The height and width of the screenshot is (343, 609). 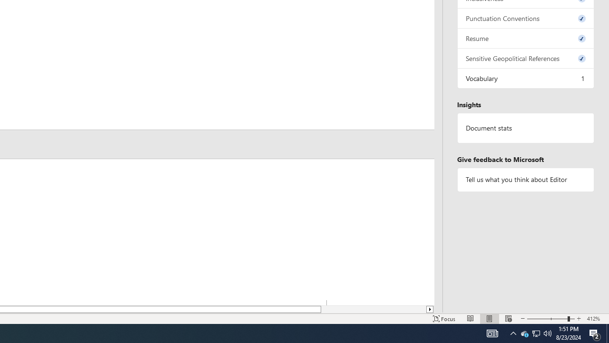 What do you see at coordinates (525, 38) in the screenshot?
I see `'Resume, 0 issues. Press space or enter to review items.'` at bounding box center [525, 38].